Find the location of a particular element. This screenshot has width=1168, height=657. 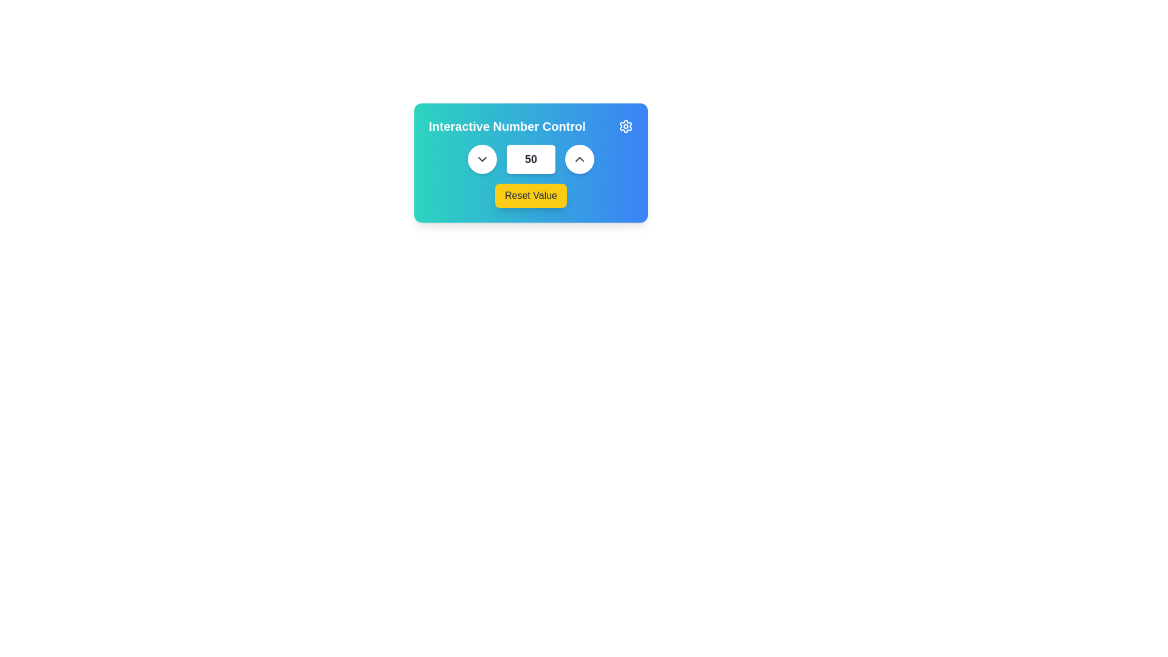

the chevron-up button styled with a dark gray color, located inside a white circular button in the upper-right section of the interface card is located at coordinates (579, 159).